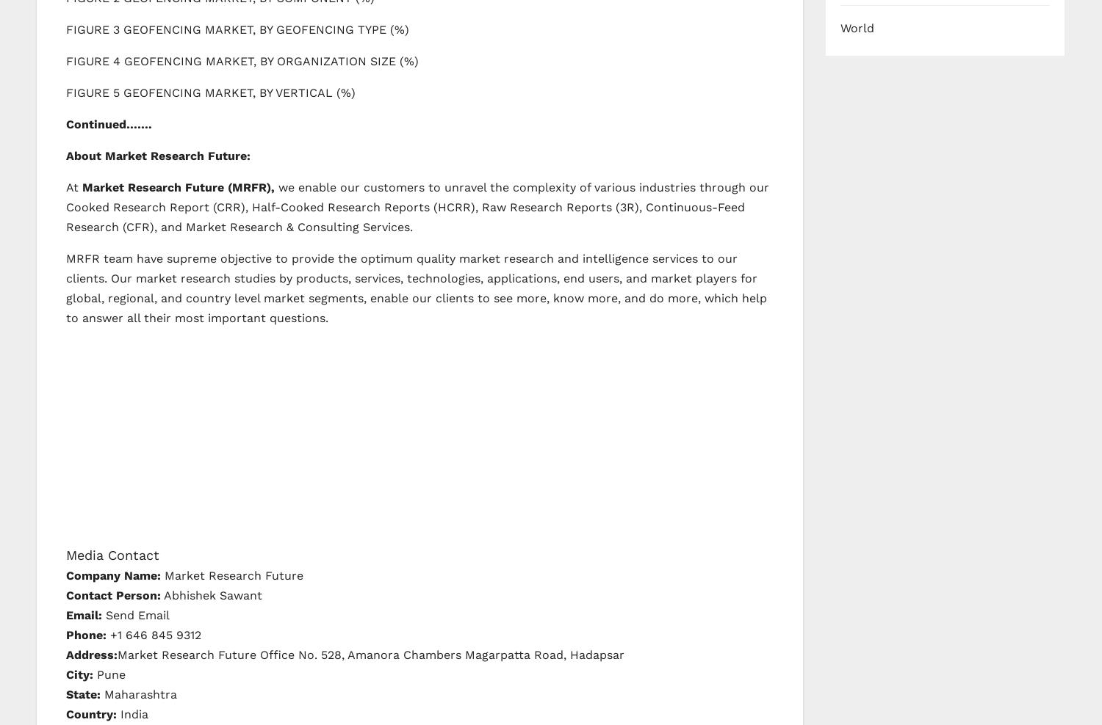 This screenshot has width=1102, height=725. I want to click on 'Maharashtra', so click(138, 693).